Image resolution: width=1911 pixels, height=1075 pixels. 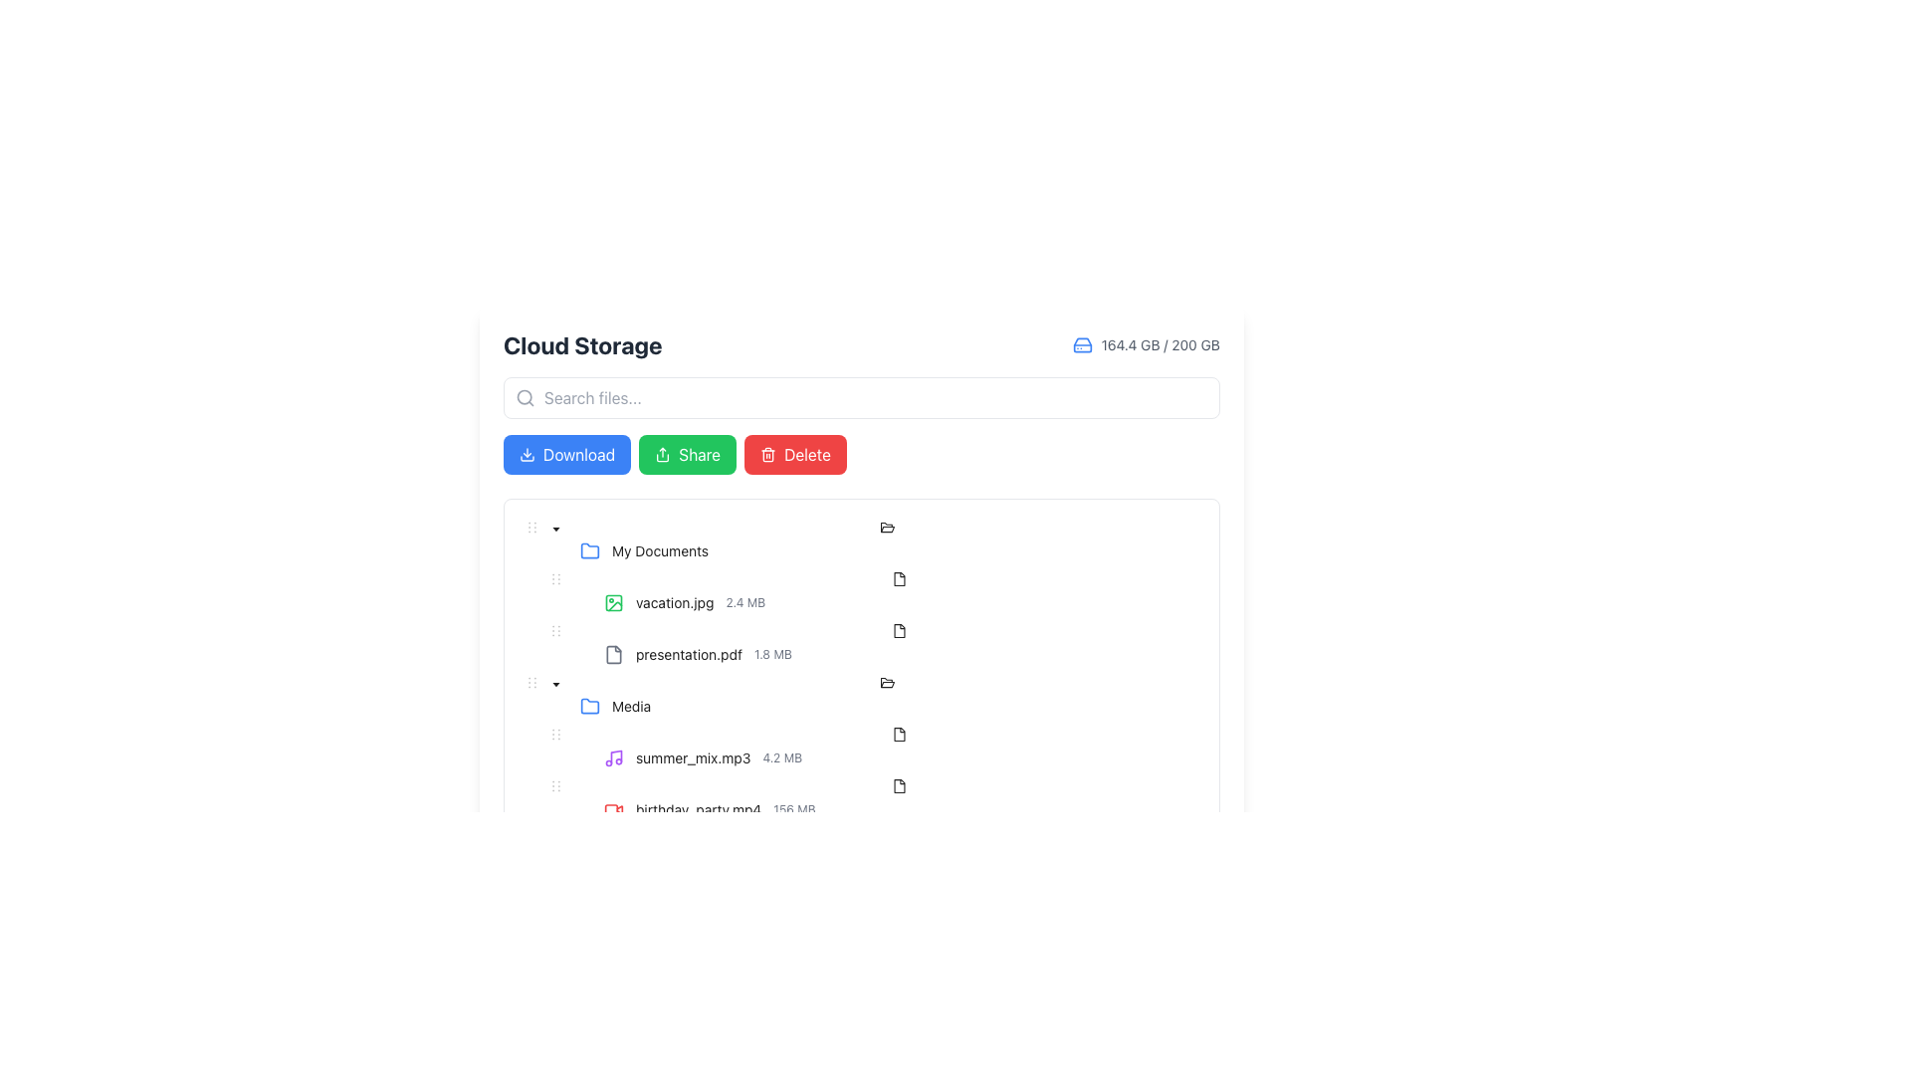 I want to click on the non-interactive tree switcher icon located to the left of the text 'birthday_party.mp4156 MB' in the tree structure, so click(x=578, y=797).